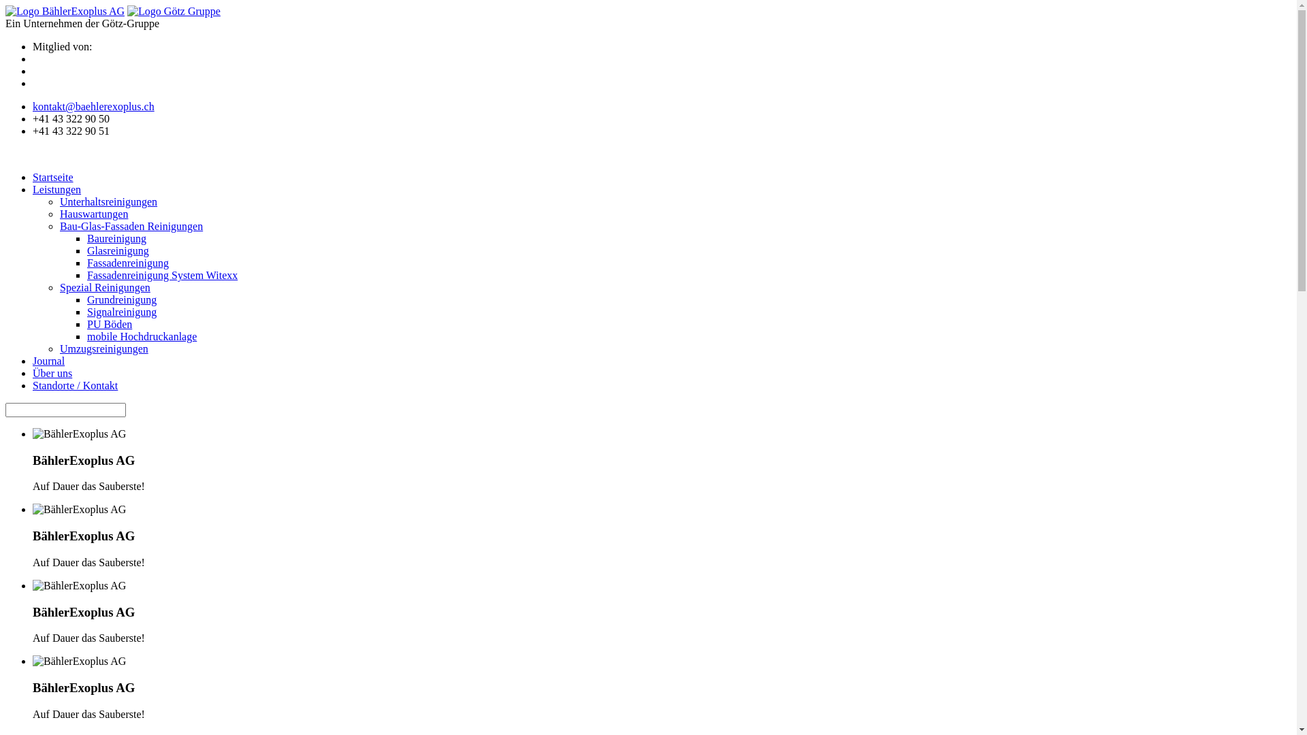 The width and height of the screenshot is (1307, 735). What do you see at coordinates (48, 360) in the screenshot?
I see `'Journal'` at bounding box center [48, 360].